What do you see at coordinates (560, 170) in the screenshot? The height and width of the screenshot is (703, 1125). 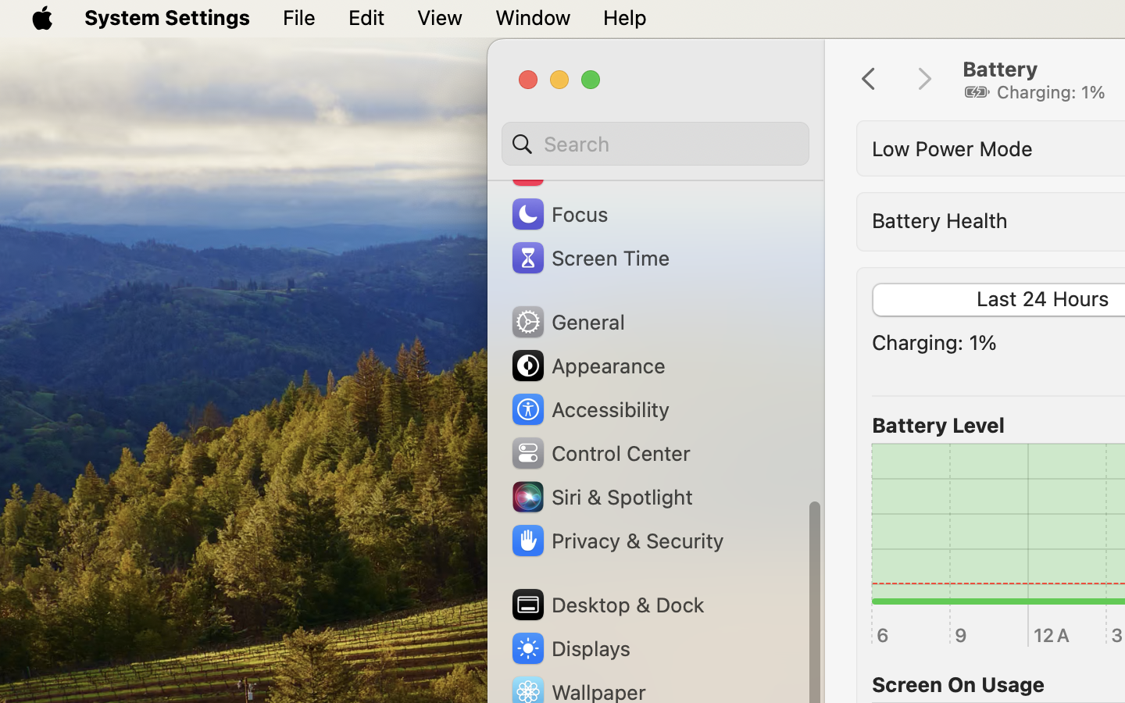 I see `'Sound'` at bounding box center [560, 170].